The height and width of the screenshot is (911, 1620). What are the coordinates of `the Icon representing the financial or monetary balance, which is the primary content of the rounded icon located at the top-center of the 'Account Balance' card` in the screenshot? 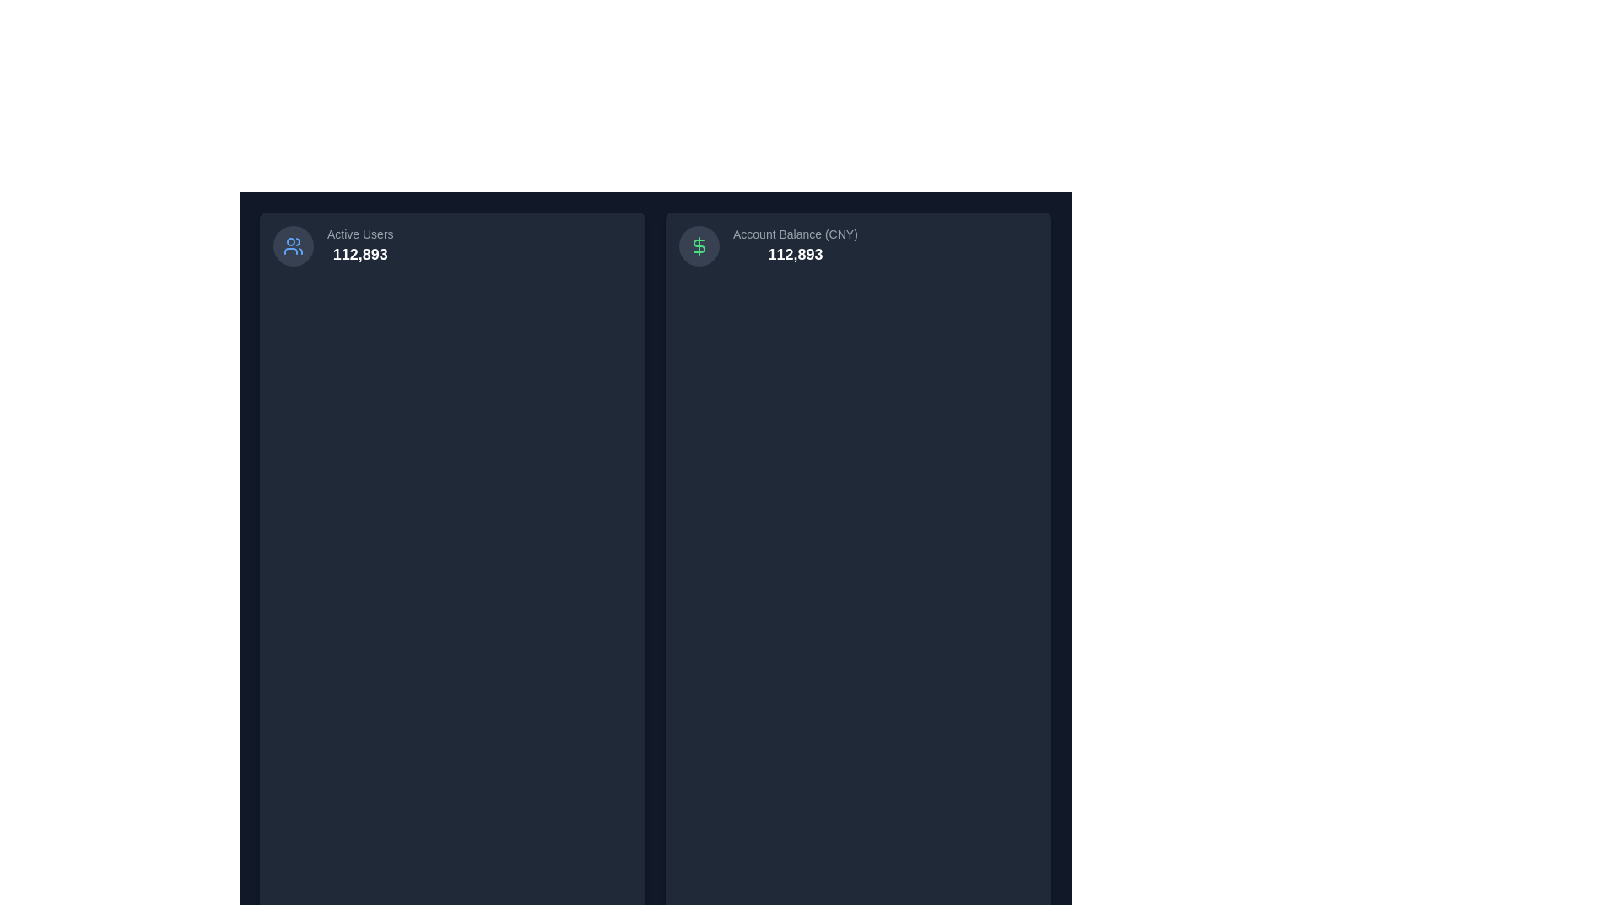 It's located at (699, 246).